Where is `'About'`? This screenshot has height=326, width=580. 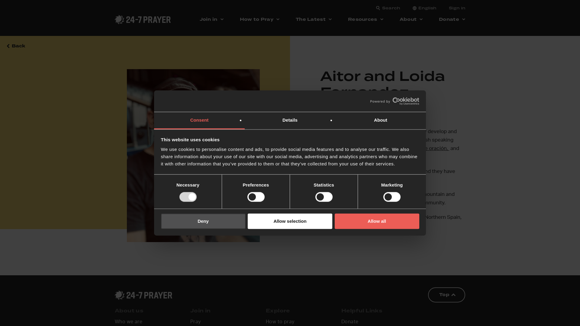 'About' is located at coordinates (380, 120).